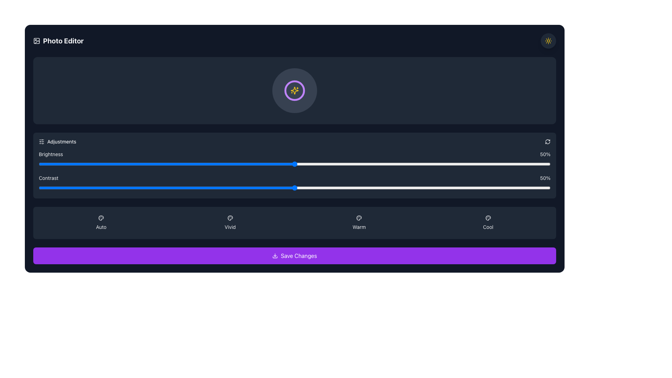 This screenshot has width=672, height=378. I want to click on contrast, so click(391, 164).